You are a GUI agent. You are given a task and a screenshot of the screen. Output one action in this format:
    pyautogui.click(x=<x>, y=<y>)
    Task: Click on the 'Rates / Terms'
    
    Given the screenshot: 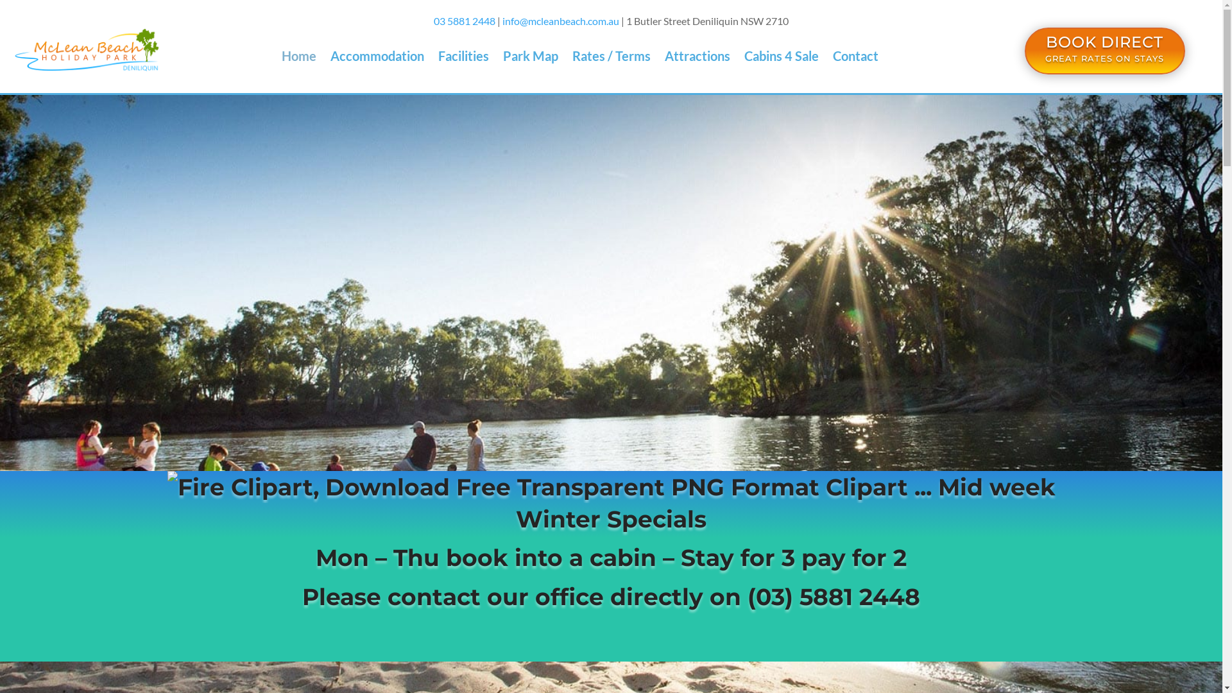 What is the action you would take?
    pyautogui.click(x=611, y=58)
    